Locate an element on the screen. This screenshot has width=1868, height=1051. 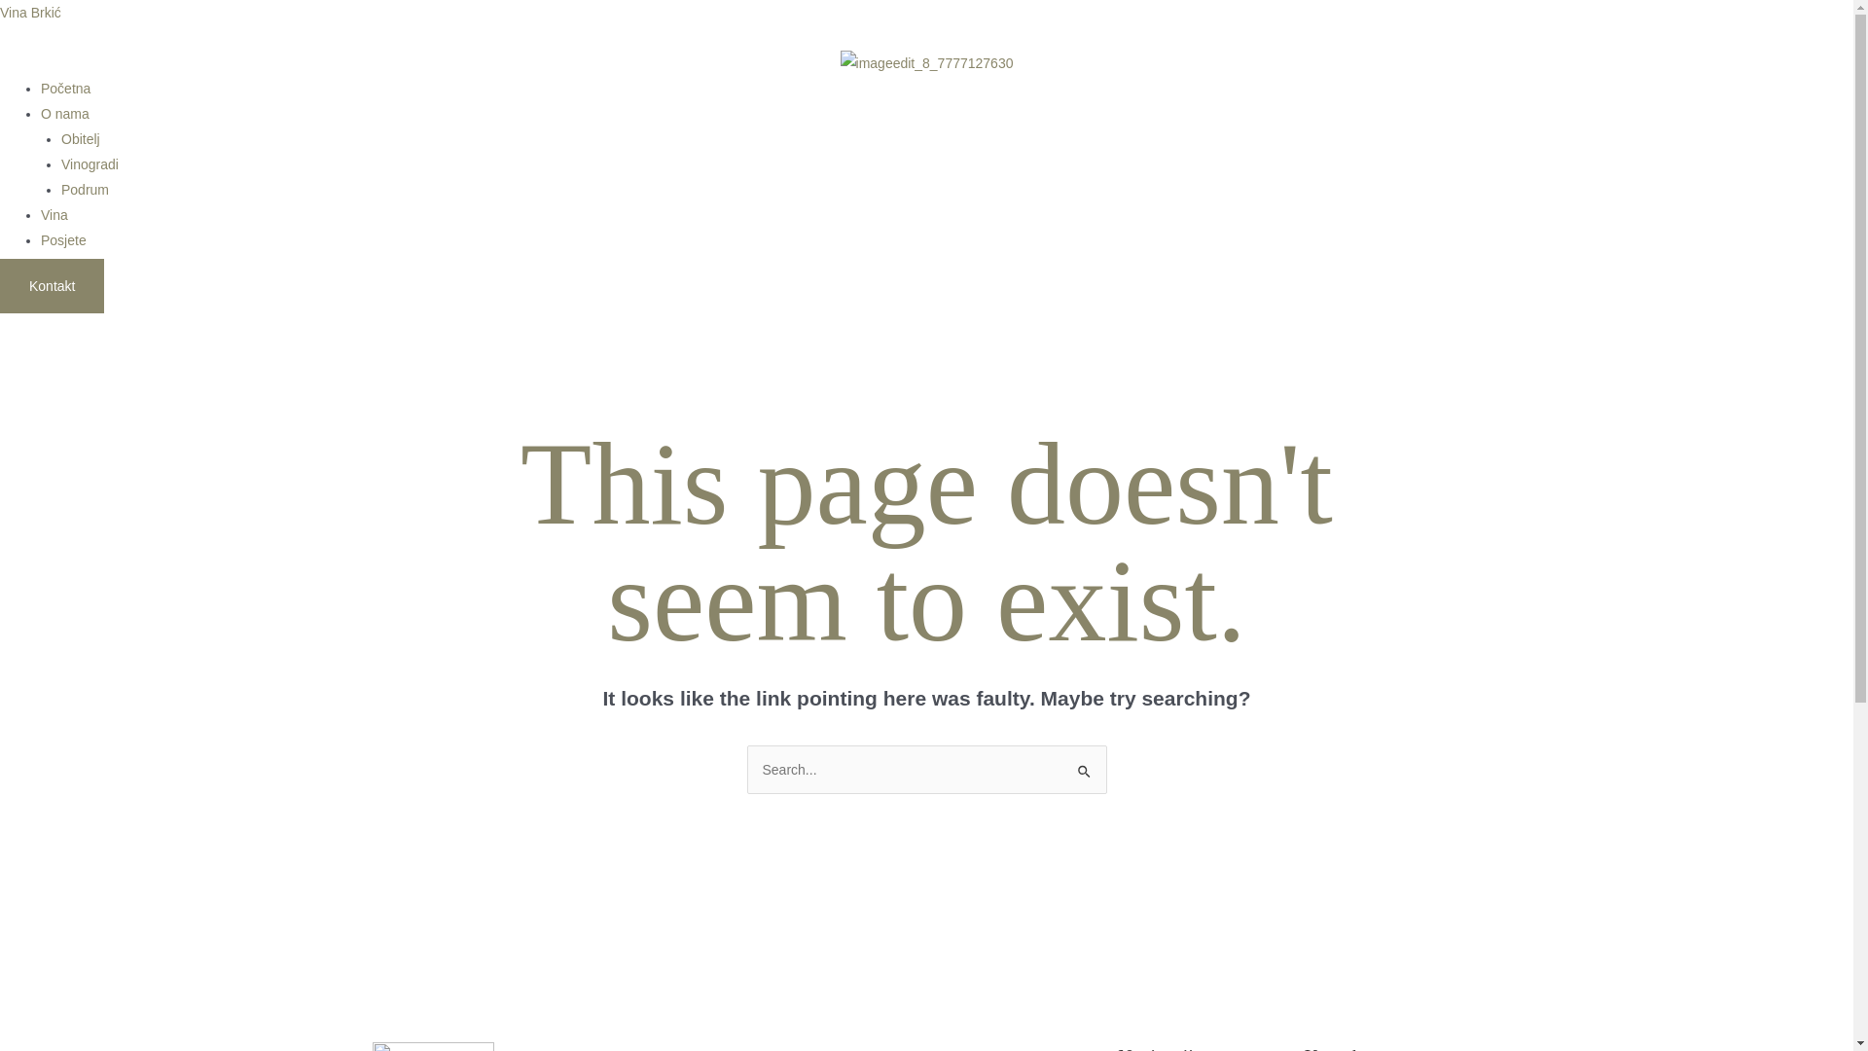
'O nama' is located at coordinates (41, 113).